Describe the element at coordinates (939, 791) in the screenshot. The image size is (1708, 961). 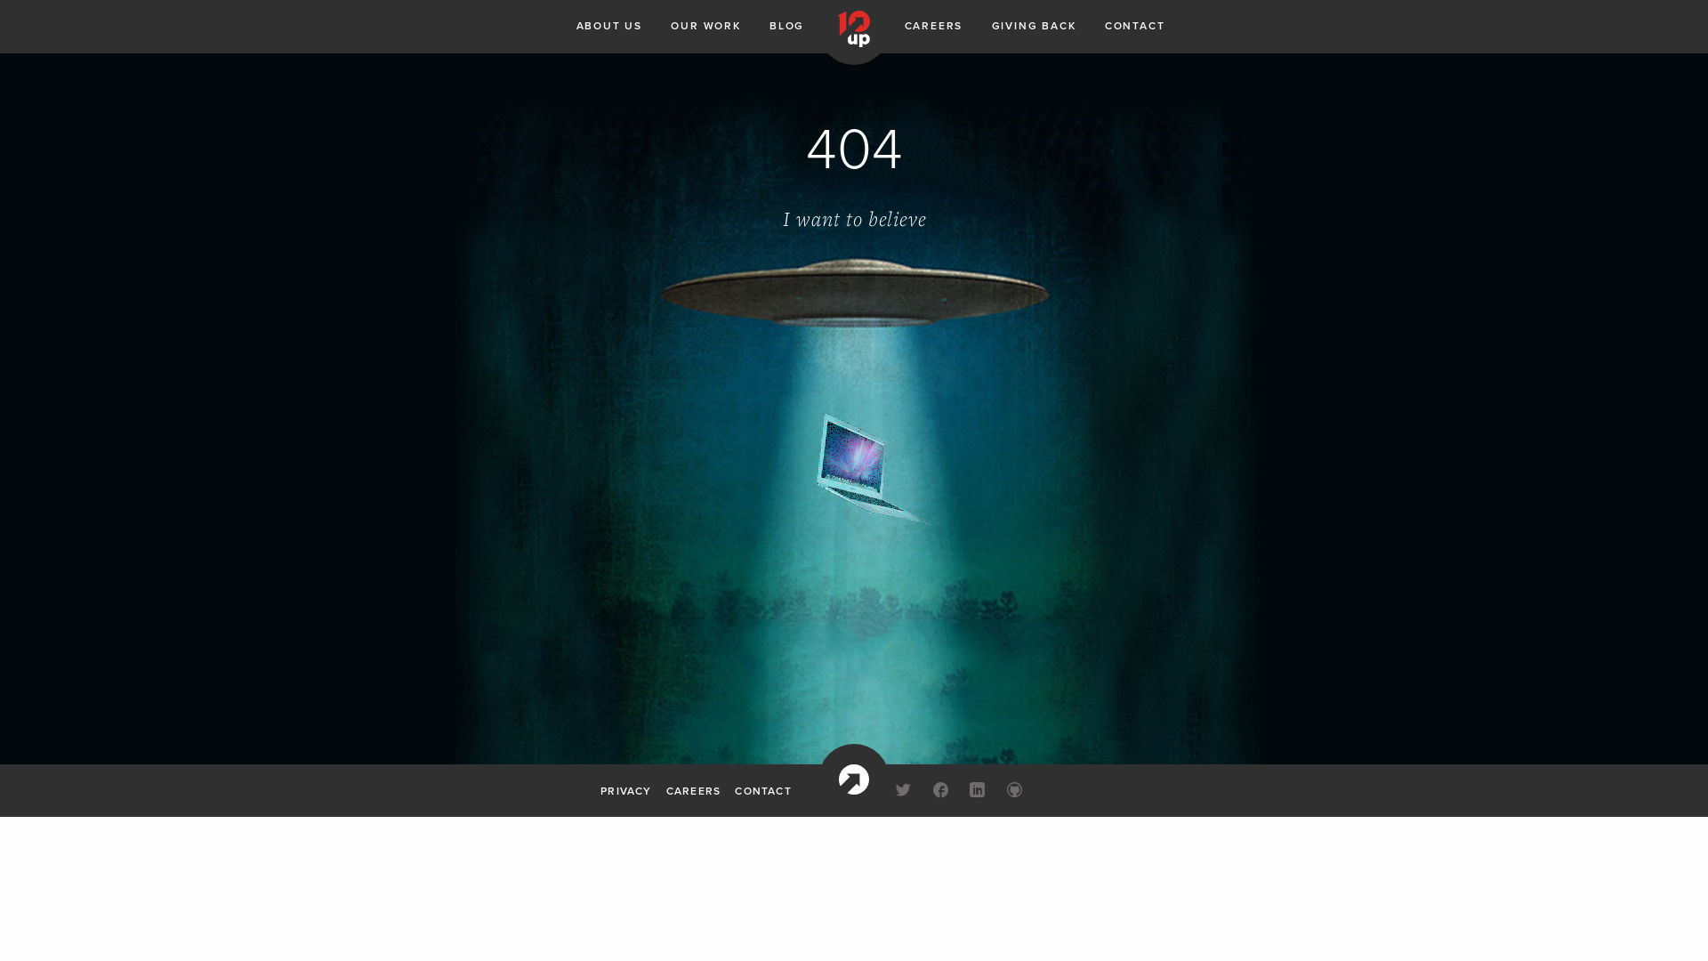
I see `'FACEBOOK'` at that location.